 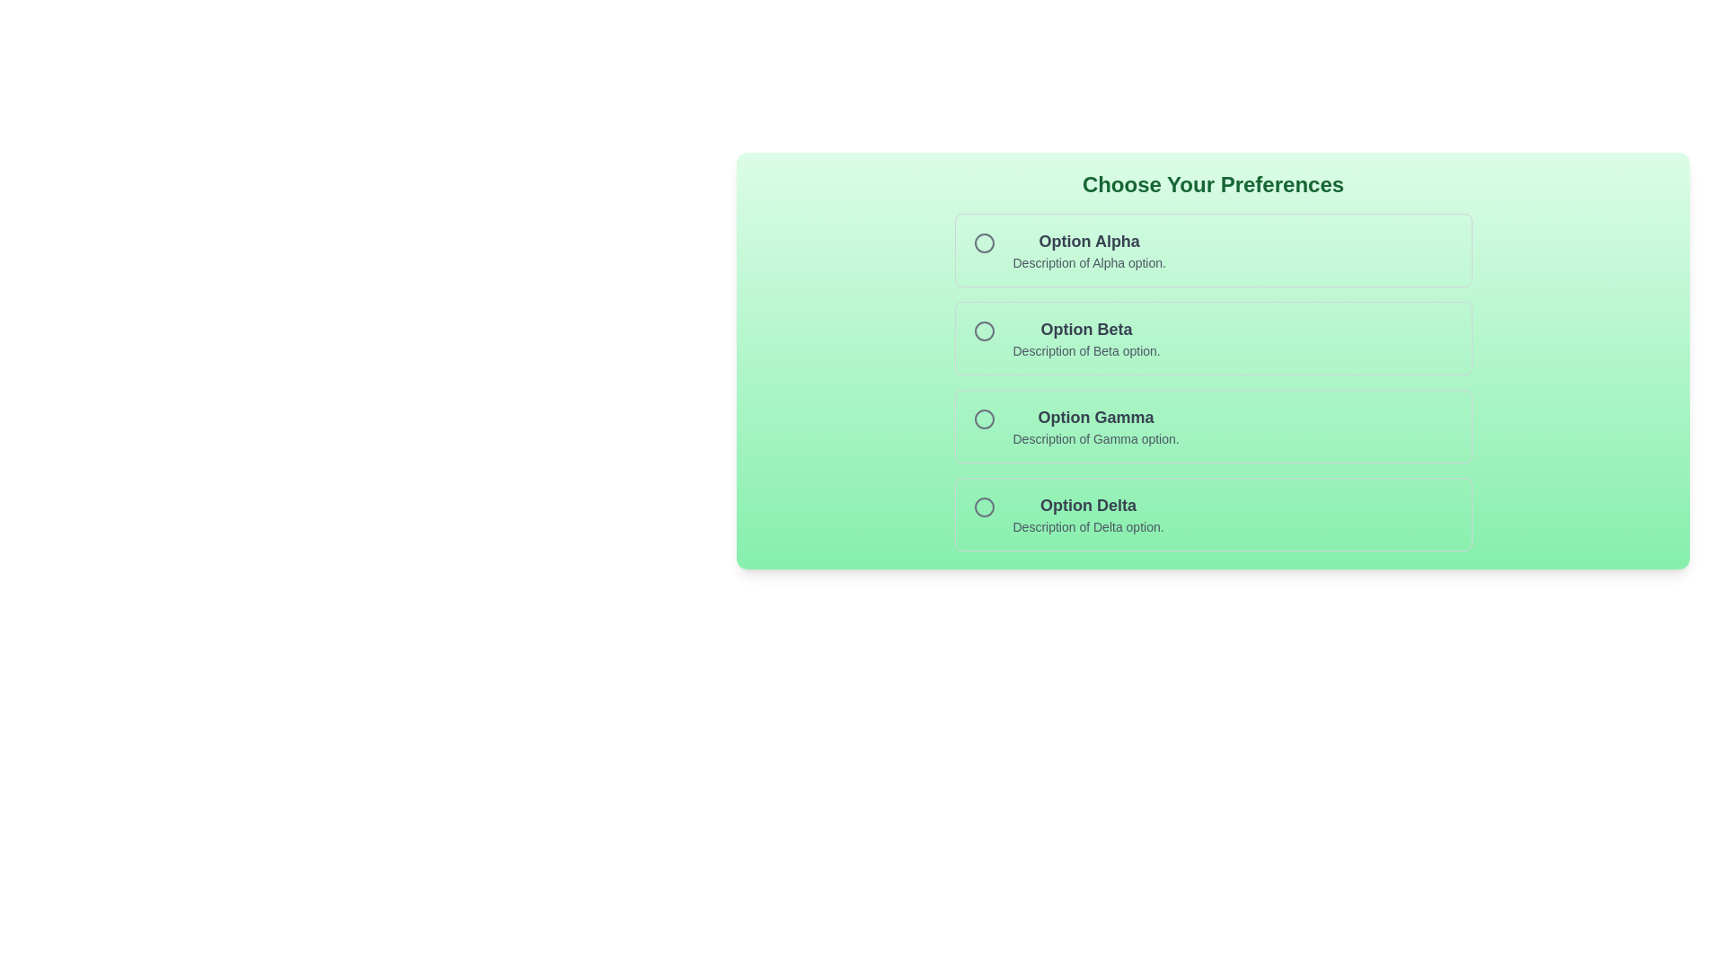 I want to click on the selectable option box labeled 'Option Beta' with a light green background, so click(x=1213, y=339).